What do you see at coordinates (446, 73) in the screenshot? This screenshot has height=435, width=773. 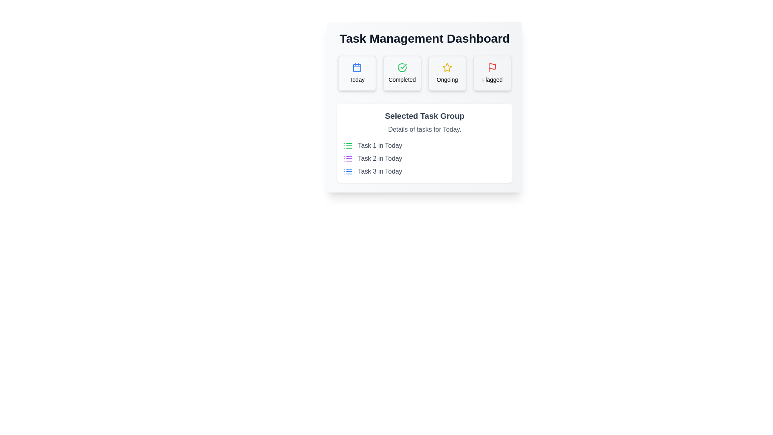 I see `the 'Ongoing' button, which is a rectangular button with a white background and a yellow outlined star icon` at bounding box center [446, 73].